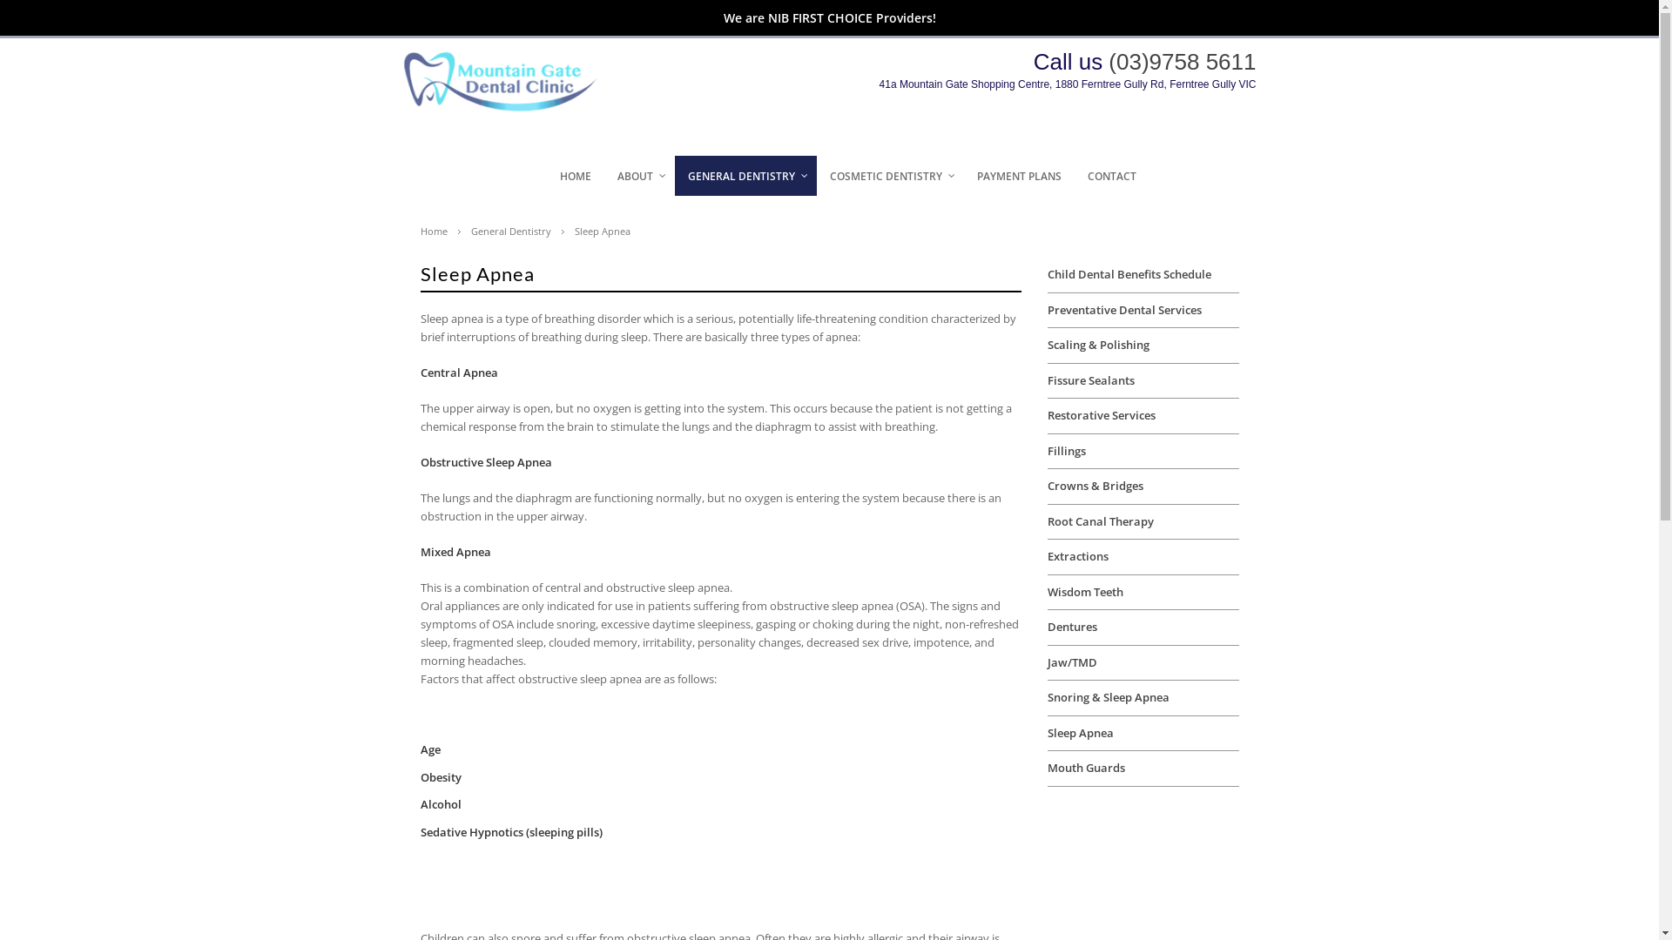  I want to click on 'MG Dental Clinic', so click(509, 107).